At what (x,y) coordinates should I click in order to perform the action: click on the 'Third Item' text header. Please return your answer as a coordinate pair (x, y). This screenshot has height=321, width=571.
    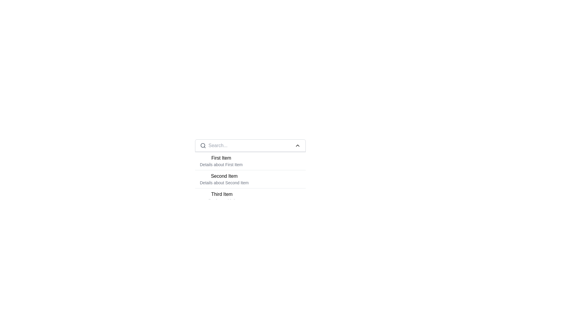
    Looking at the image, I should click on (222, 194).